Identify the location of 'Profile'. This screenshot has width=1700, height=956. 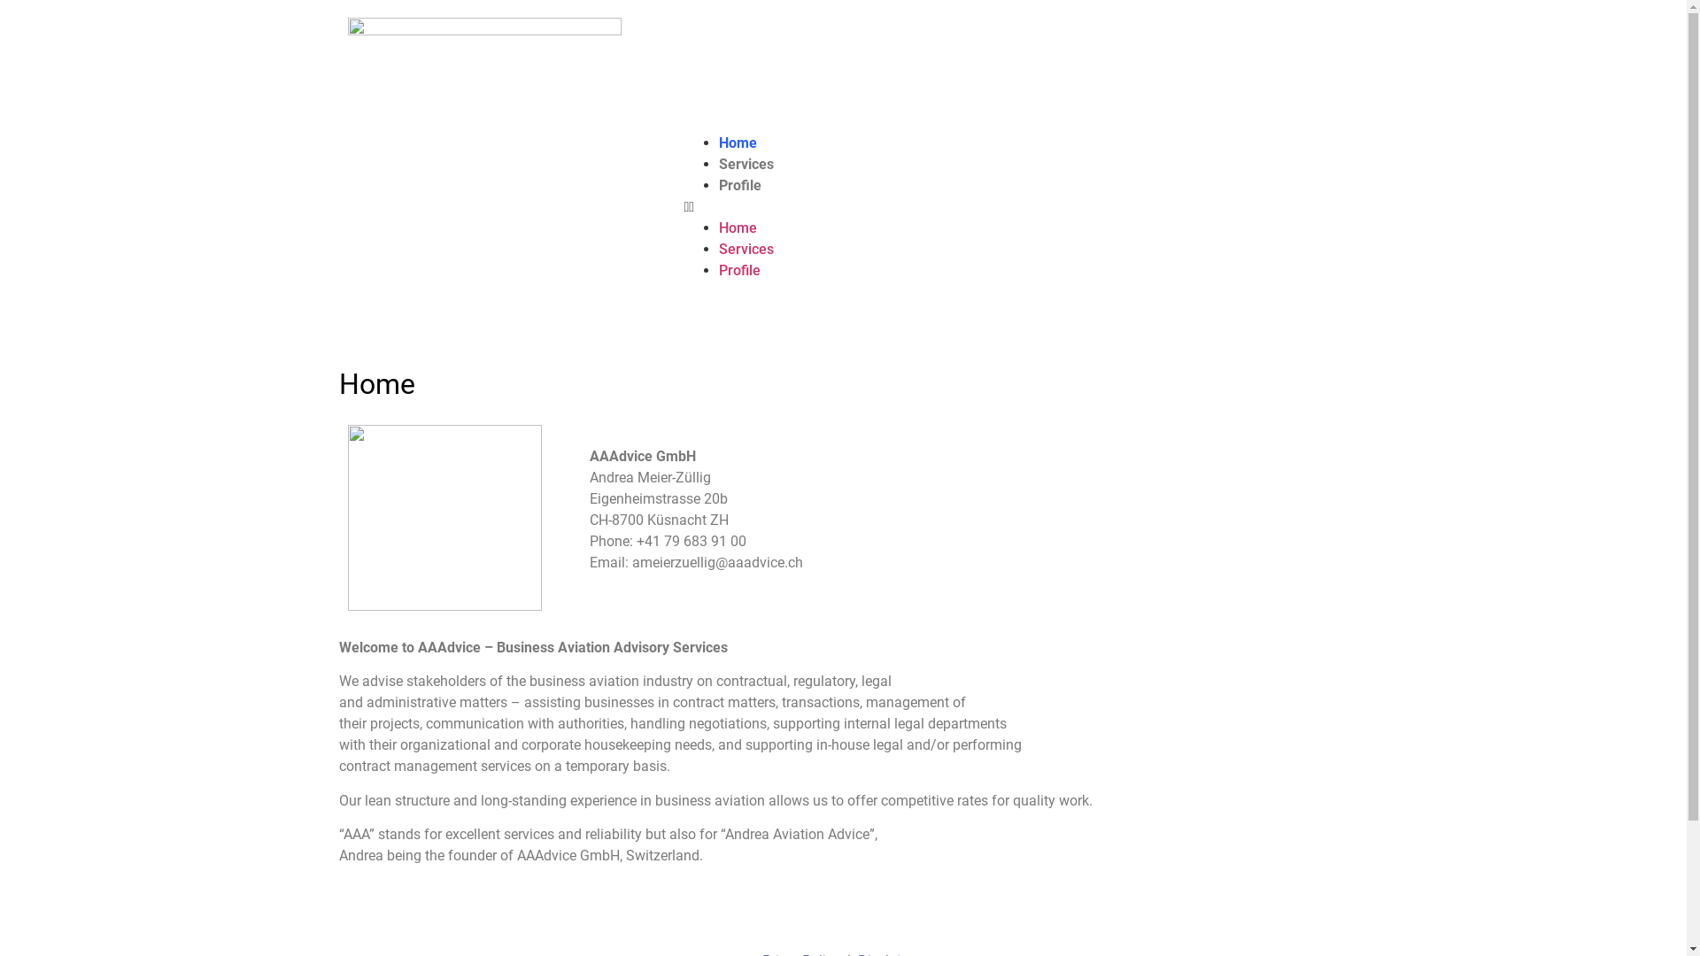
(718, 270).